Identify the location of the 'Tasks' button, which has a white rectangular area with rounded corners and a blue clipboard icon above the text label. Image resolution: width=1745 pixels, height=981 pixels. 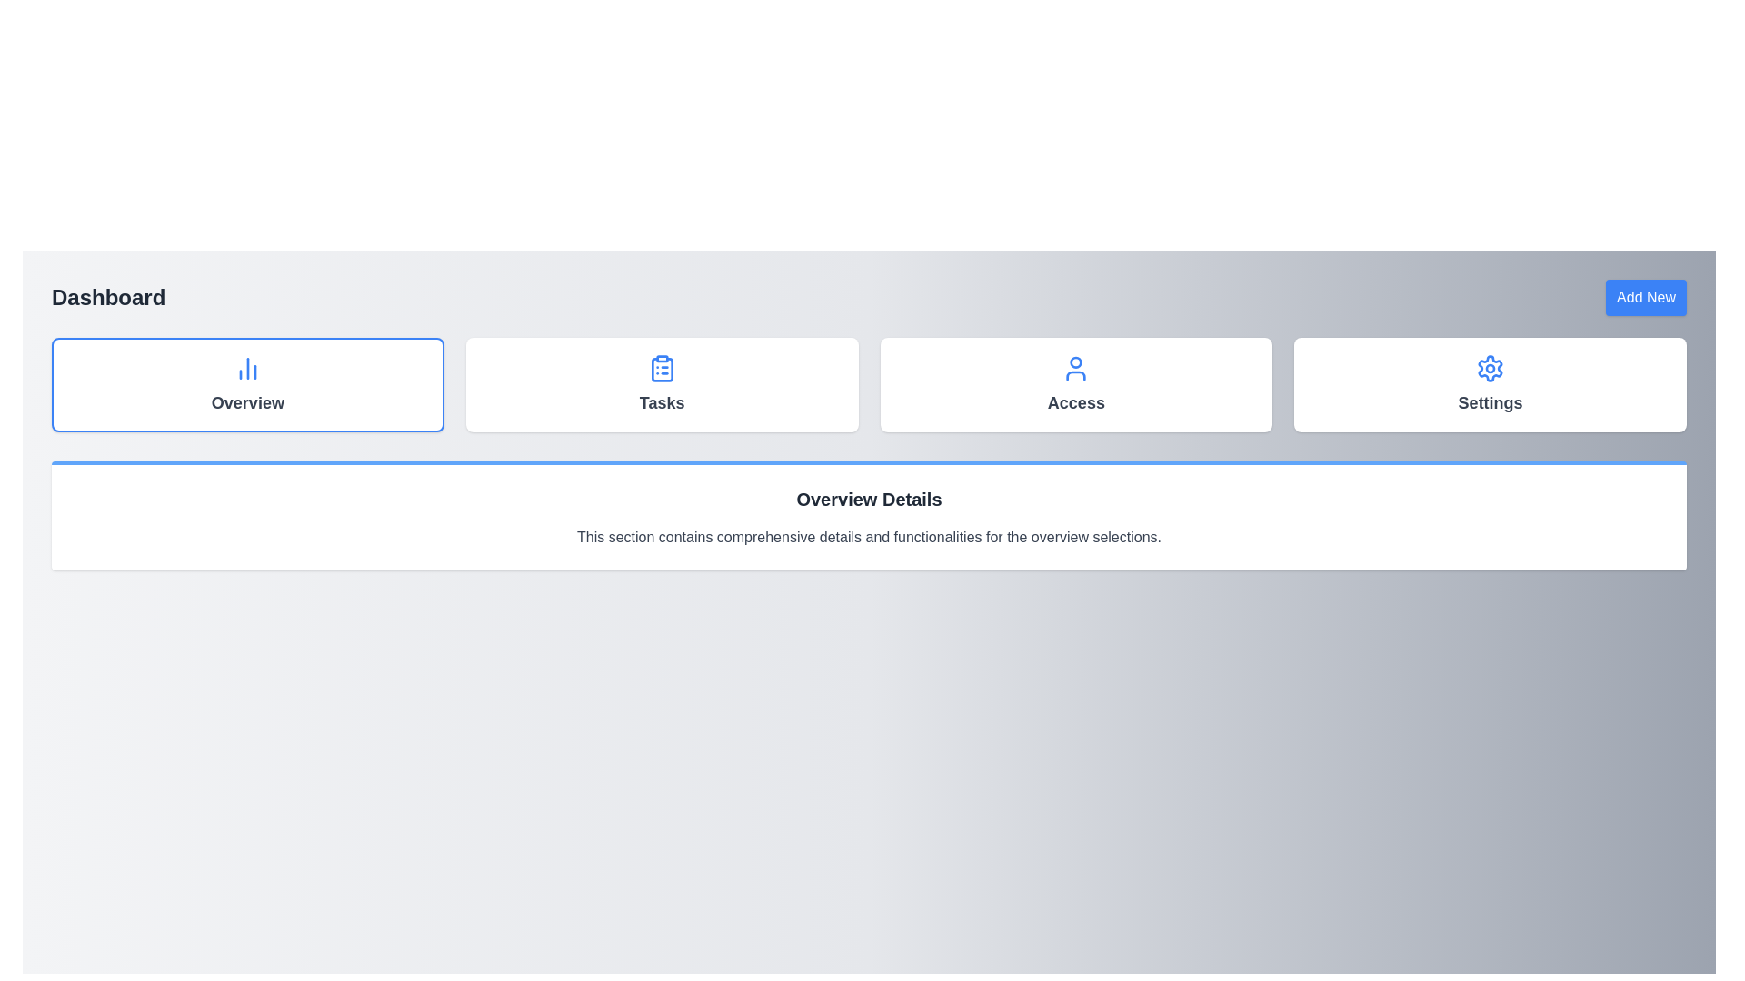
(661, 384).